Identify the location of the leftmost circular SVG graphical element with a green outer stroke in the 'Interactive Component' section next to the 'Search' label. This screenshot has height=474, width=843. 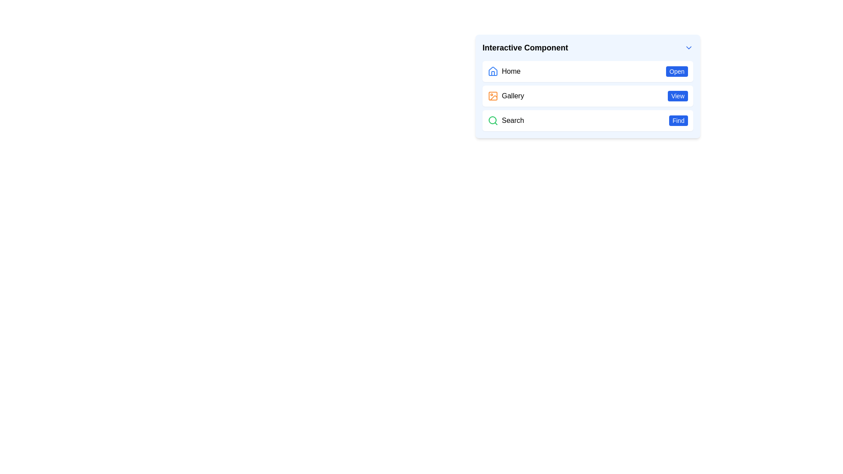
(493, 120).